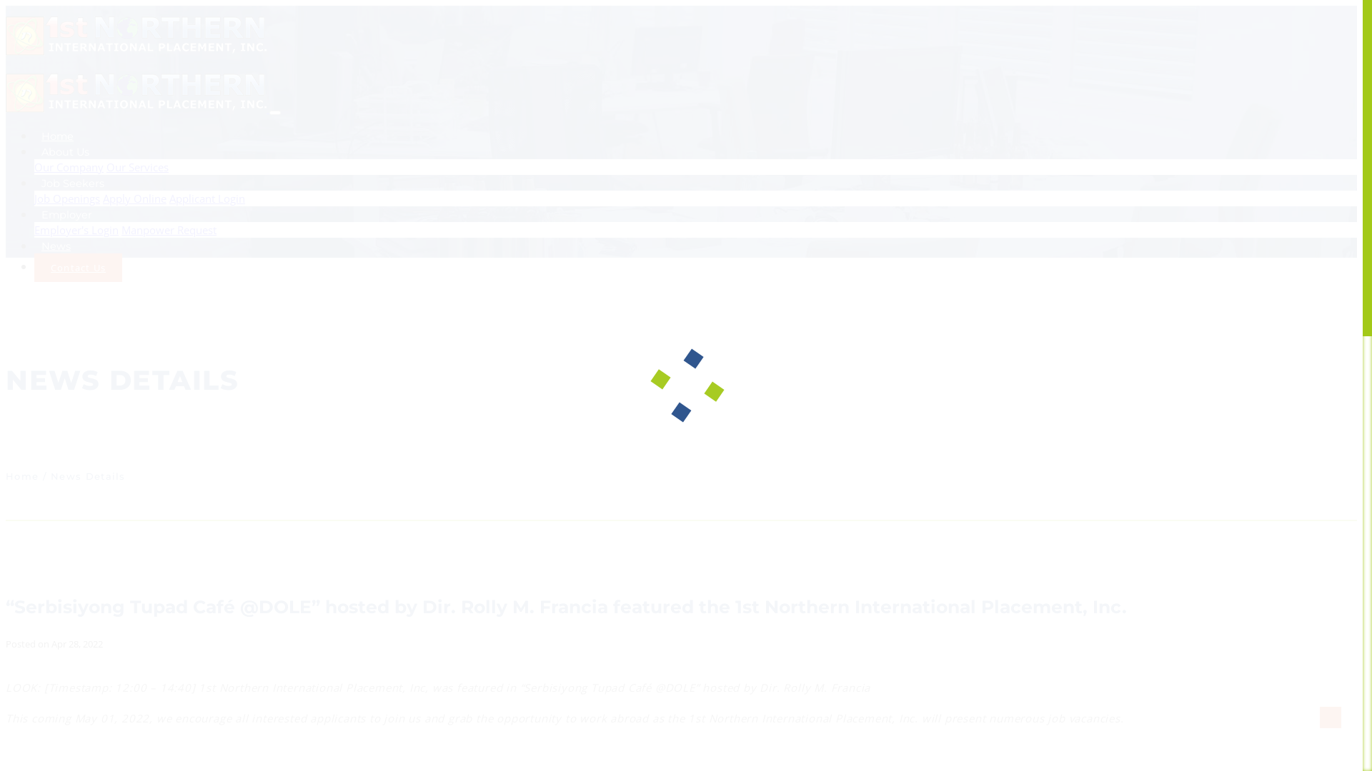 This screenshot has width=1372, height=771. What do you see at coordinates (57, 136) in the screenshot?
I see `'Home'` at bounding box center [57, 136].